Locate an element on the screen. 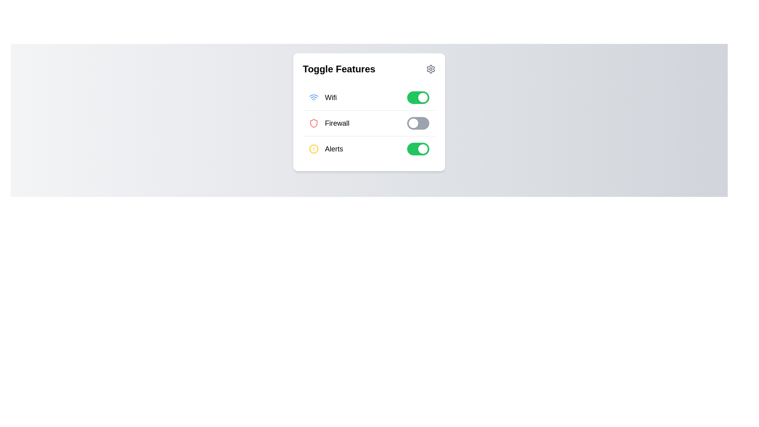 This screenshot has height=427, width=759. the 'Alerts' text label, which is a bold, large font label part of the toggle feature interface, located between a yellow warning icon and a toggle switch is located at coordinates (334, 149).